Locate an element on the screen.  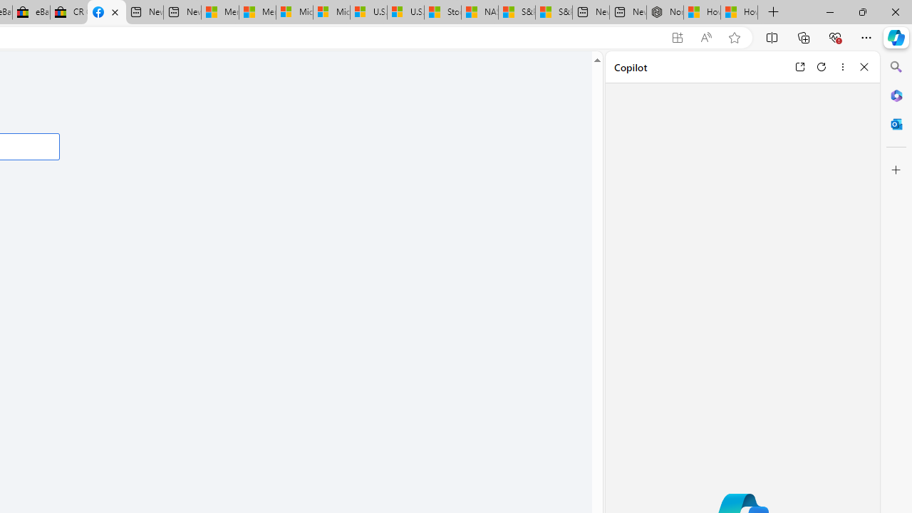
'S&P 500, Nasdaq end lower, weighed by Nvidia dip | Watch' is located at coordinates (552, 12).